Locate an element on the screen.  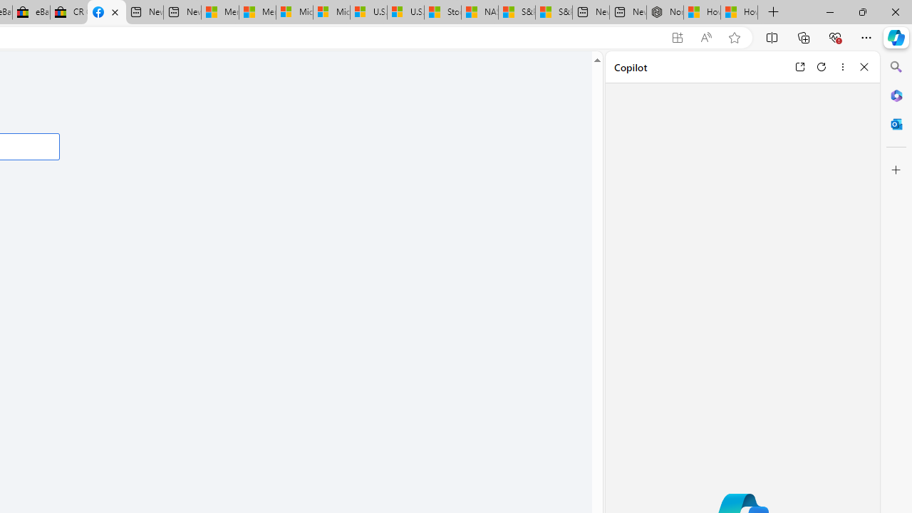
'S&P 500, Nasdaq end lower, weighed by Nvidia dip | Watch' is located at coordinates (552, 12).